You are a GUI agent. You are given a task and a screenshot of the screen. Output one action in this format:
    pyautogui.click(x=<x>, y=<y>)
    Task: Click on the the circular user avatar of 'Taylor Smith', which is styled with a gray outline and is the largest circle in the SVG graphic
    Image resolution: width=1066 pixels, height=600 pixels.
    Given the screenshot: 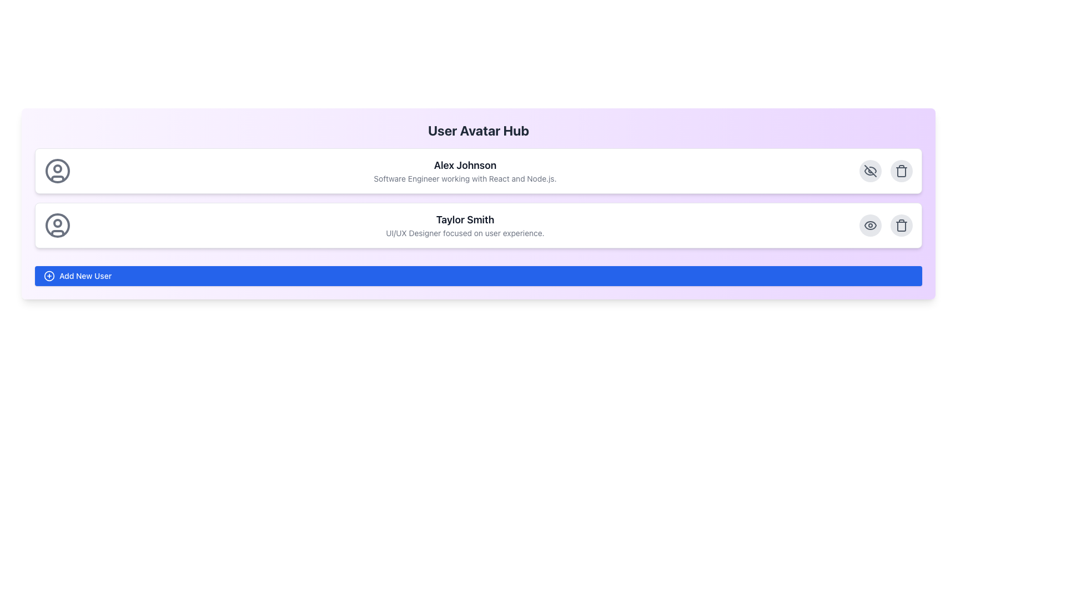 What is the action you would take?
    pyautogui.click(x=57, y=225)
    